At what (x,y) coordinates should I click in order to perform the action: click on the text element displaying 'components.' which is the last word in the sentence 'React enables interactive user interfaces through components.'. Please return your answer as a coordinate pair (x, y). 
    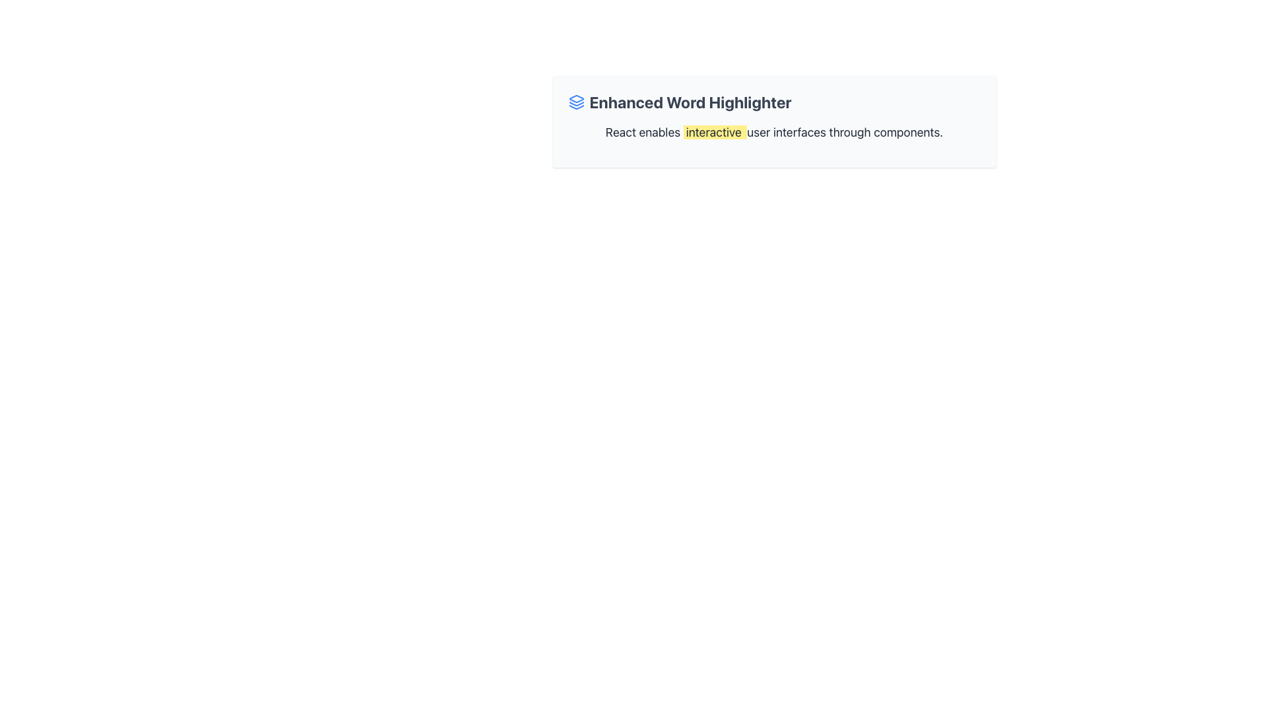
    Looking at the image, I should click on (907, 132).